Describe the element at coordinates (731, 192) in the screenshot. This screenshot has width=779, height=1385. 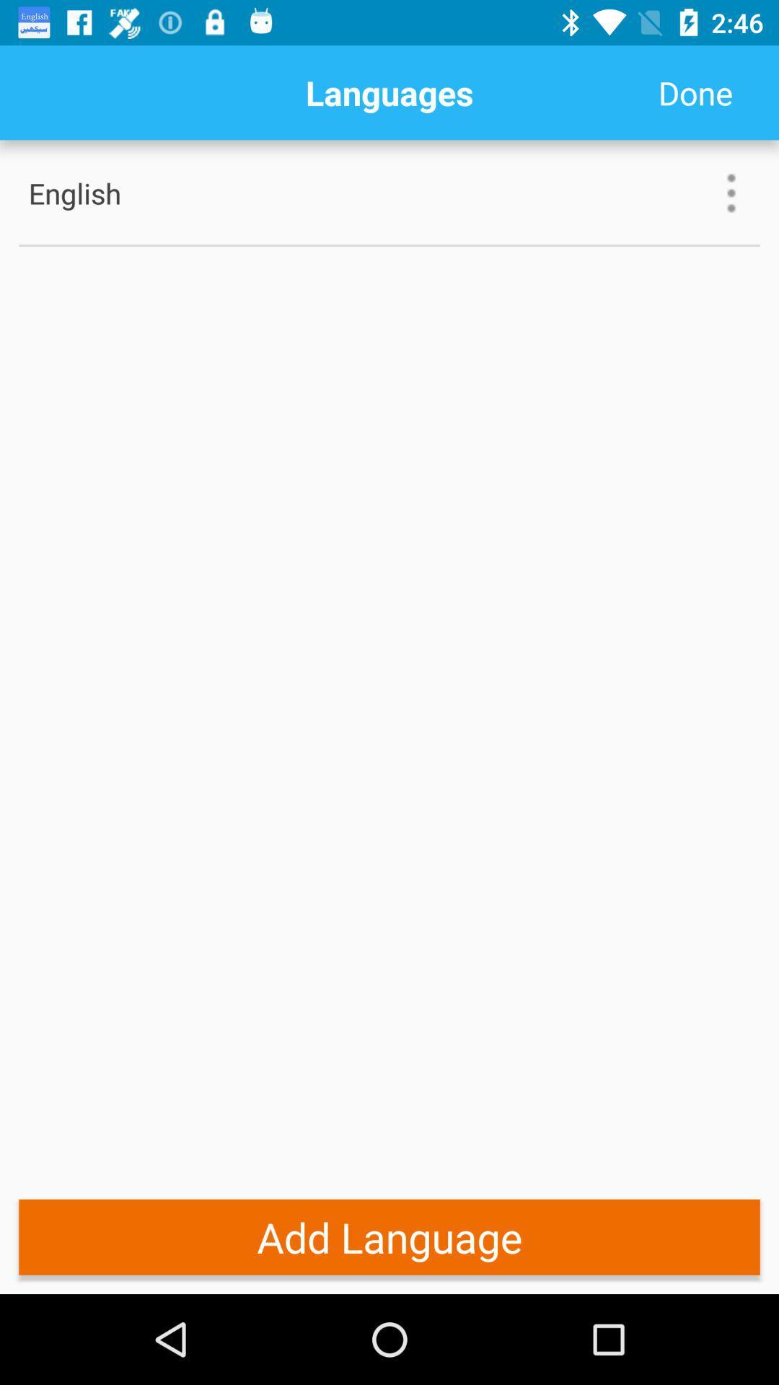
I see `the icon to the right of english item` at that location.